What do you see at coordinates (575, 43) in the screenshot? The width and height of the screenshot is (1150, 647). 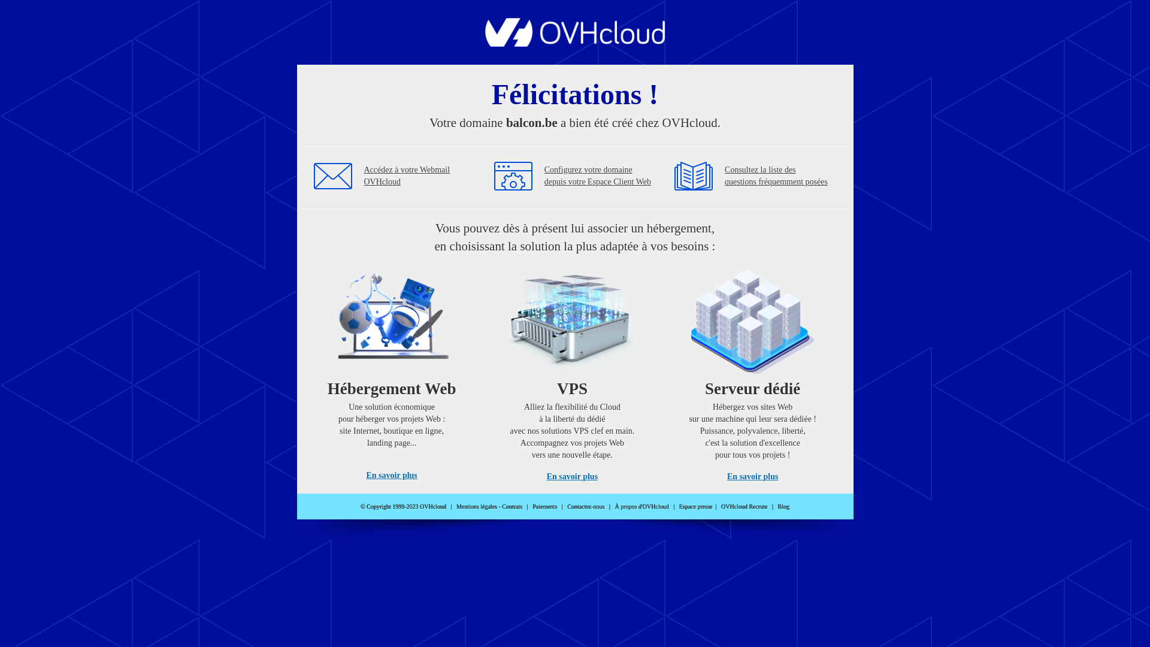 I see `'OVHcloud'` at bounding box center [575, 43].